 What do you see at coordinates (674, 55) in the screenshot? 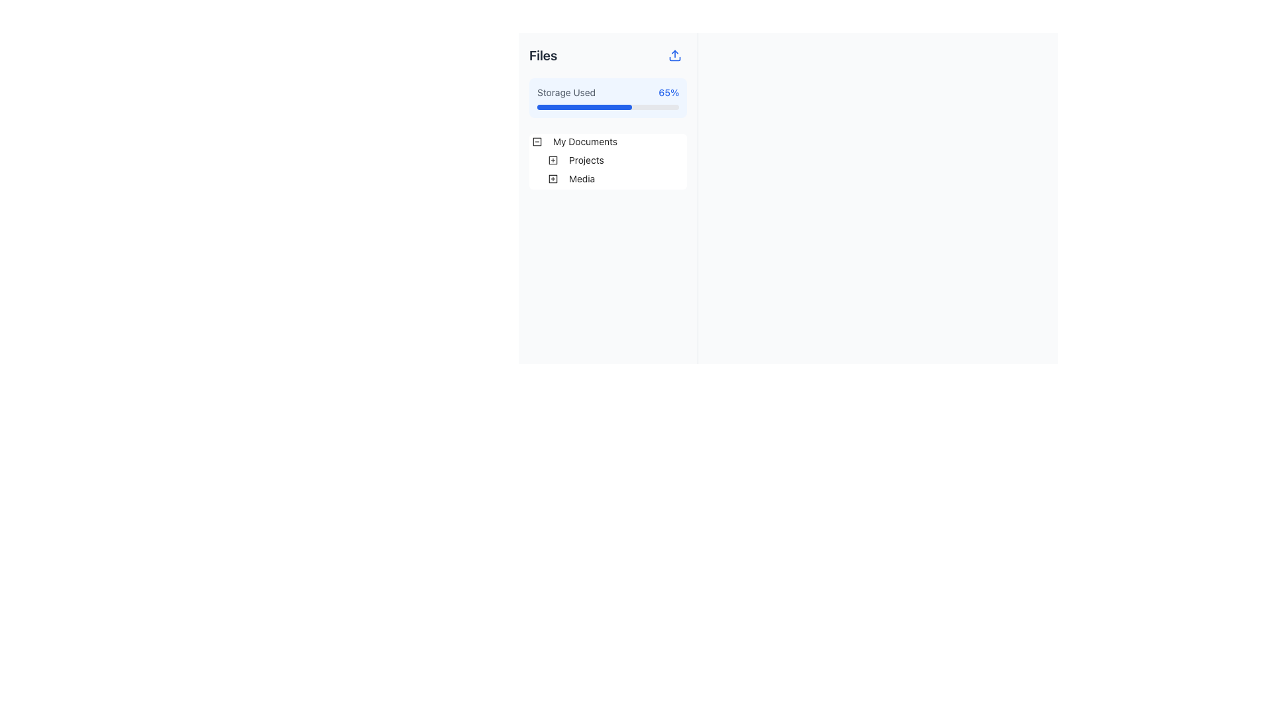
I see `the 'Upload' icon located at the top right corner of the 'Files' panel to initiate the file upload process` at bounding box center [674, 55].